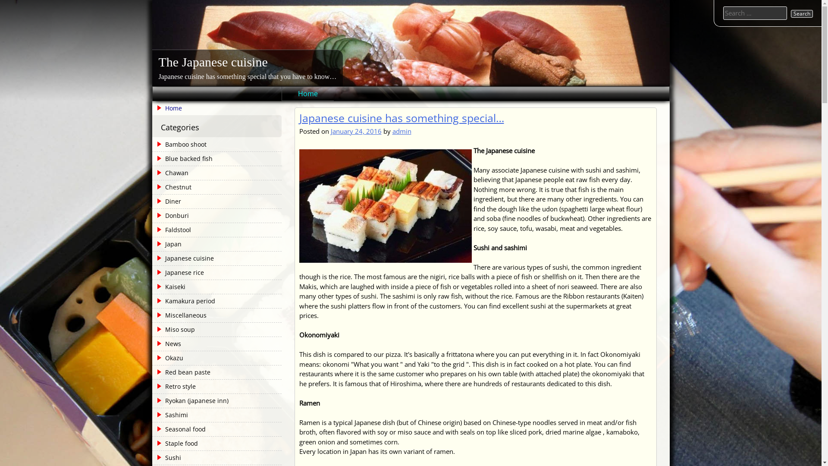  Describe the element at coordinates (167, 201) in the screenshot. I see `'Diner'` at that location.